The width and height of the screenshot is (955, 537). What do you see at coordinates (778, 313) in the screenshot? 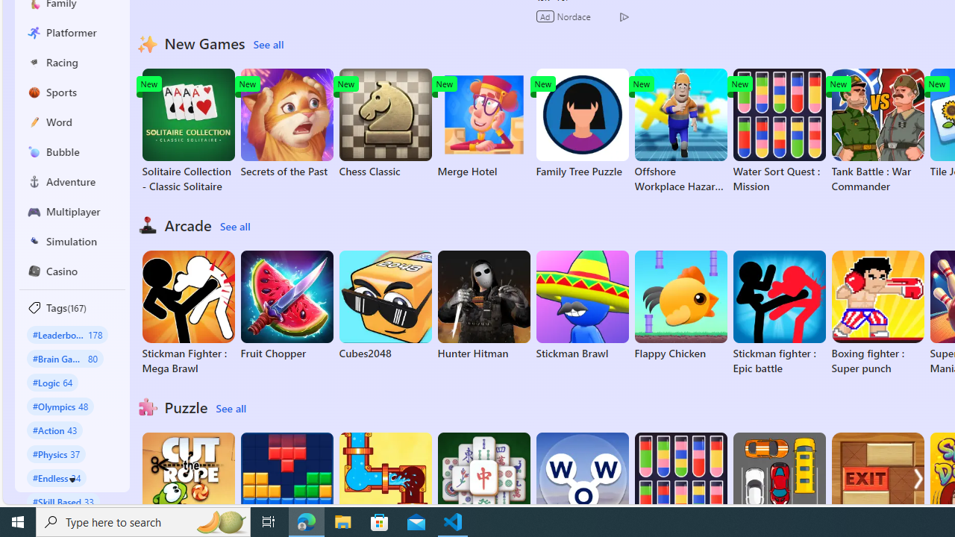
I see `'Stickman fighter : Epic battle'` at bounding box center [778, 313].